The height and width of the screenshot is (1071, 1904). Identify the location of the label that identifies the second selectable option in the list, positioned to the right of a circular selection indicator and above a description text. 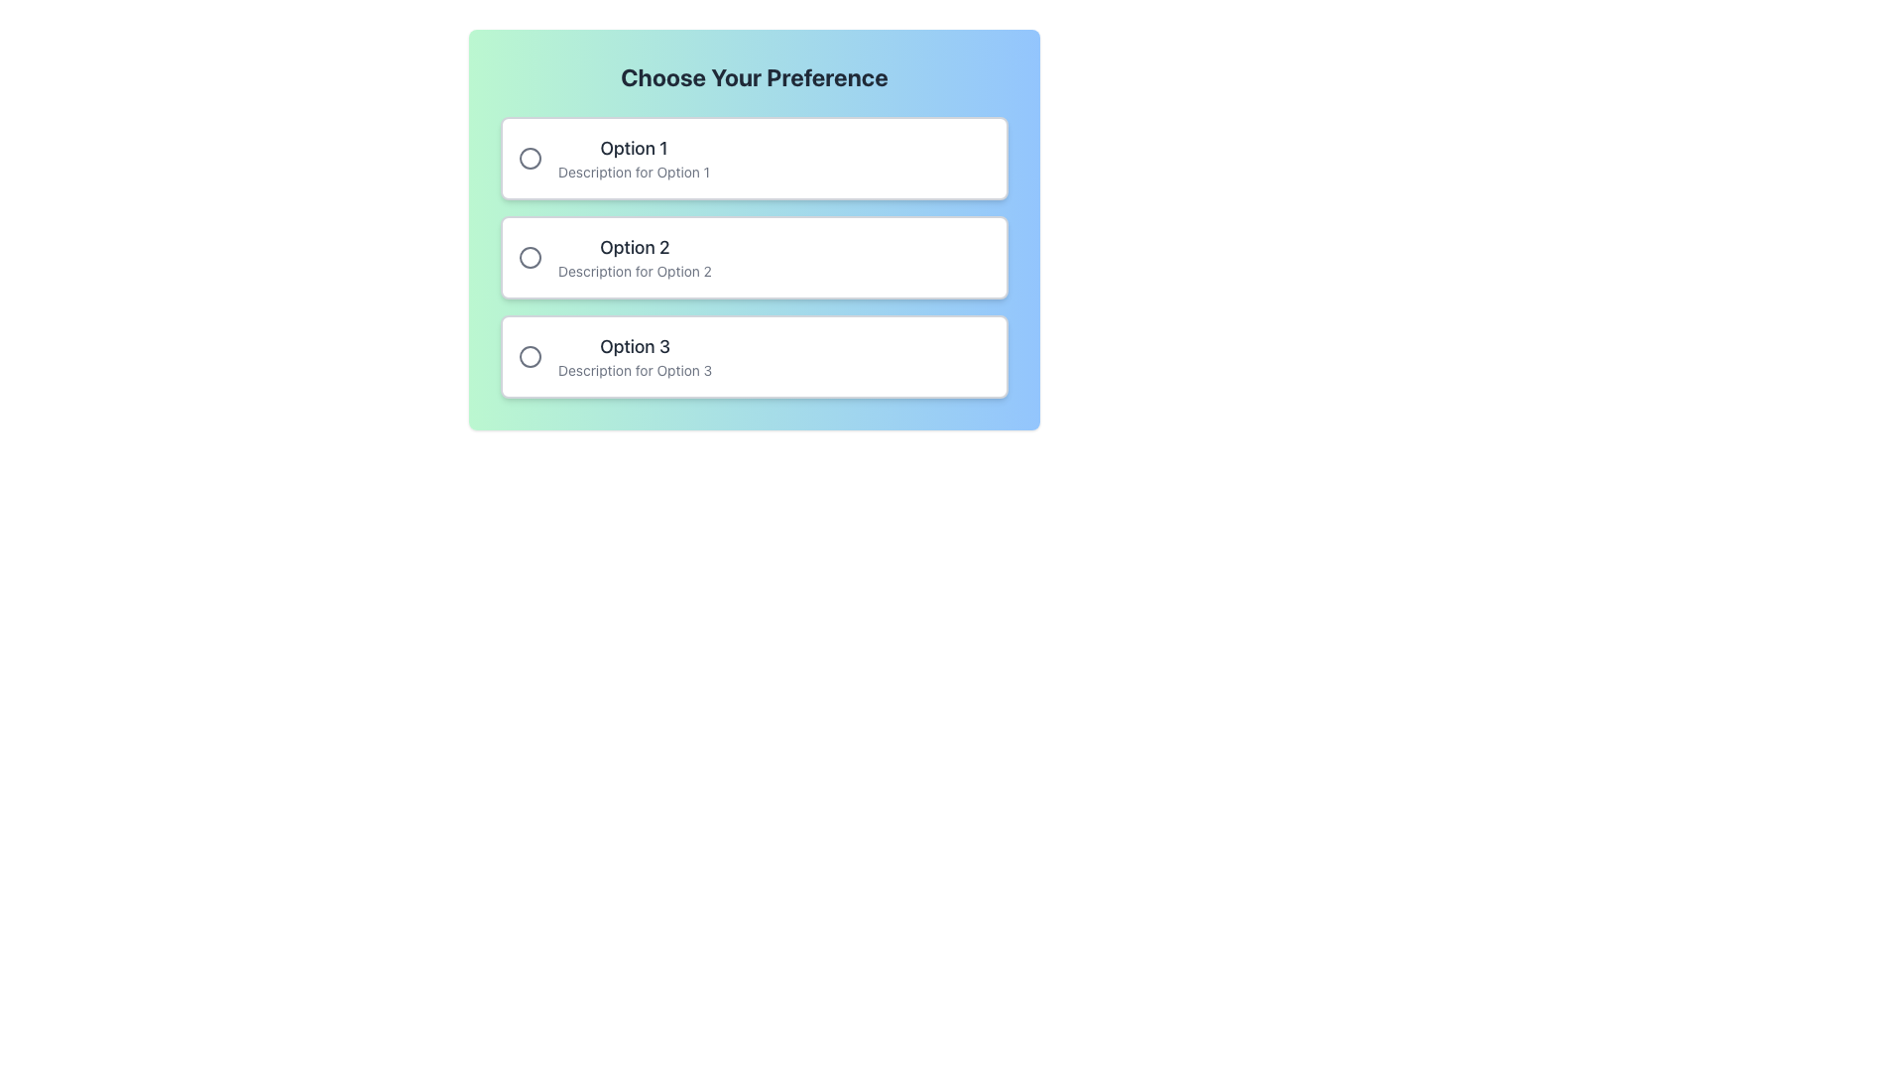
(635, 247).